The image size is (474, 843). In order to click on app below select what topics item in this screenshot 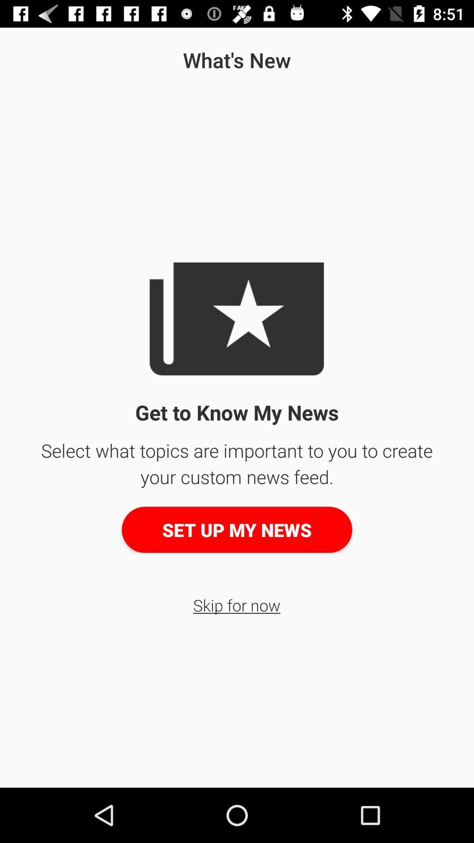, I will do `click(237, 529)`.